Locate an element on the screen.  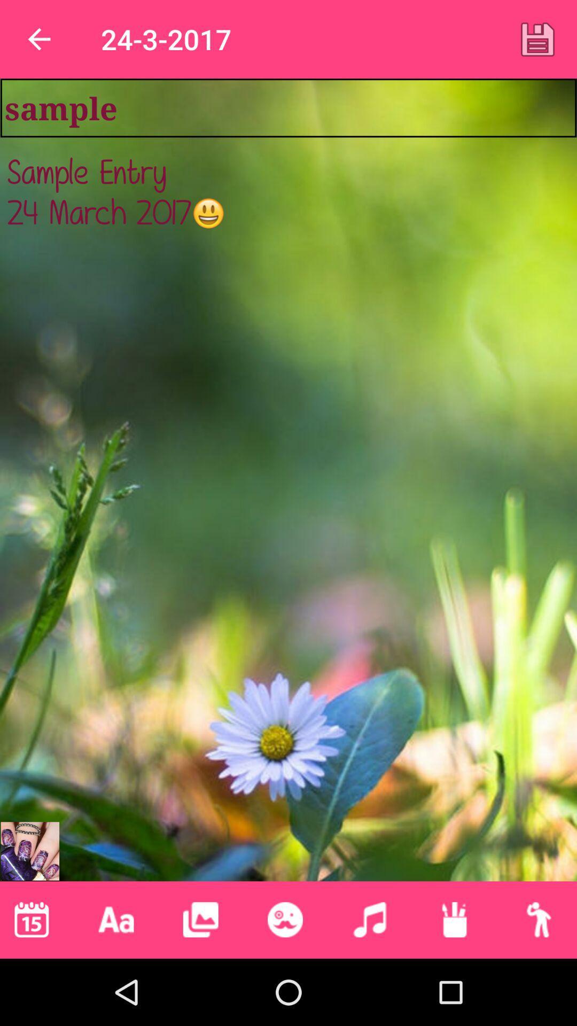
change font is located at coordinates (116, 919).